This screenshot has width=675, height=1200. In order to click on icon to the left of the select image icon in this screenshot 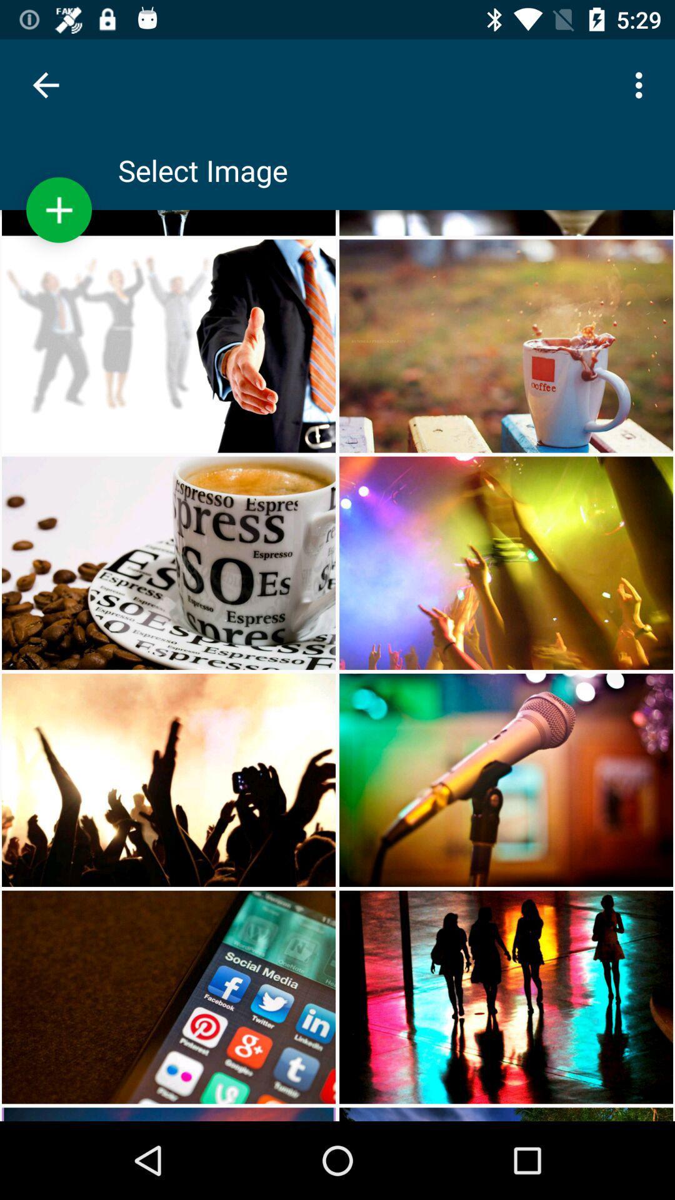, I will do `click(59, 210)`.